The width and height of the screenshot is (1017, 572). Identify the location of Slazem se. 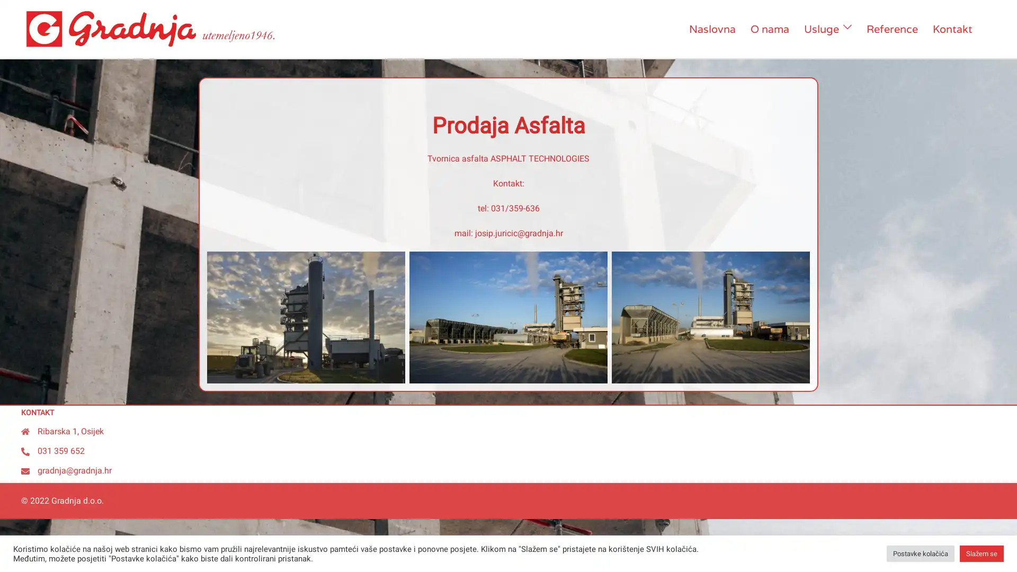
(981, 553).